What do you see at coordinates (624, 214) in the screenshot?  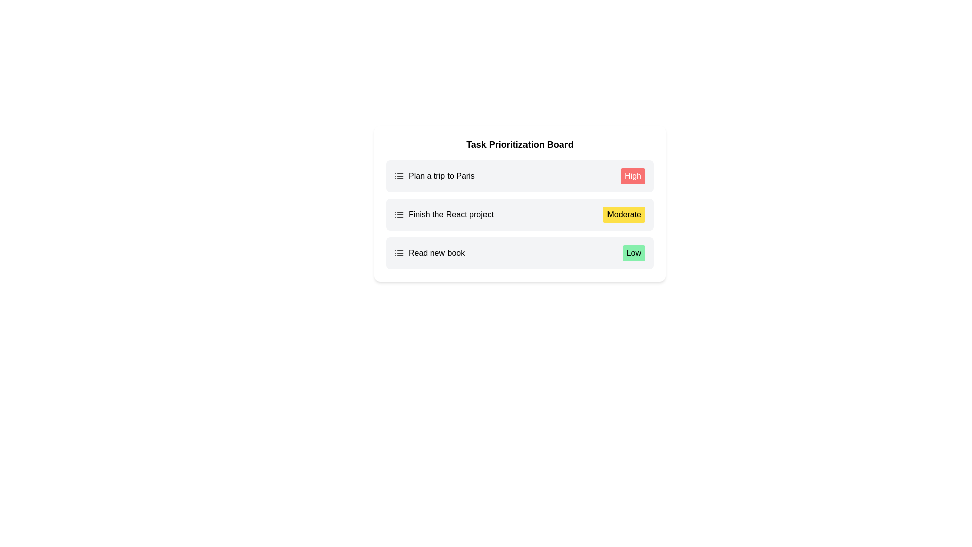 I see `Priority label with the text 'Moderate', which has a yellow background and is located on the right side of the 'Finish the React project' entry` at bounding box center [624, 214].